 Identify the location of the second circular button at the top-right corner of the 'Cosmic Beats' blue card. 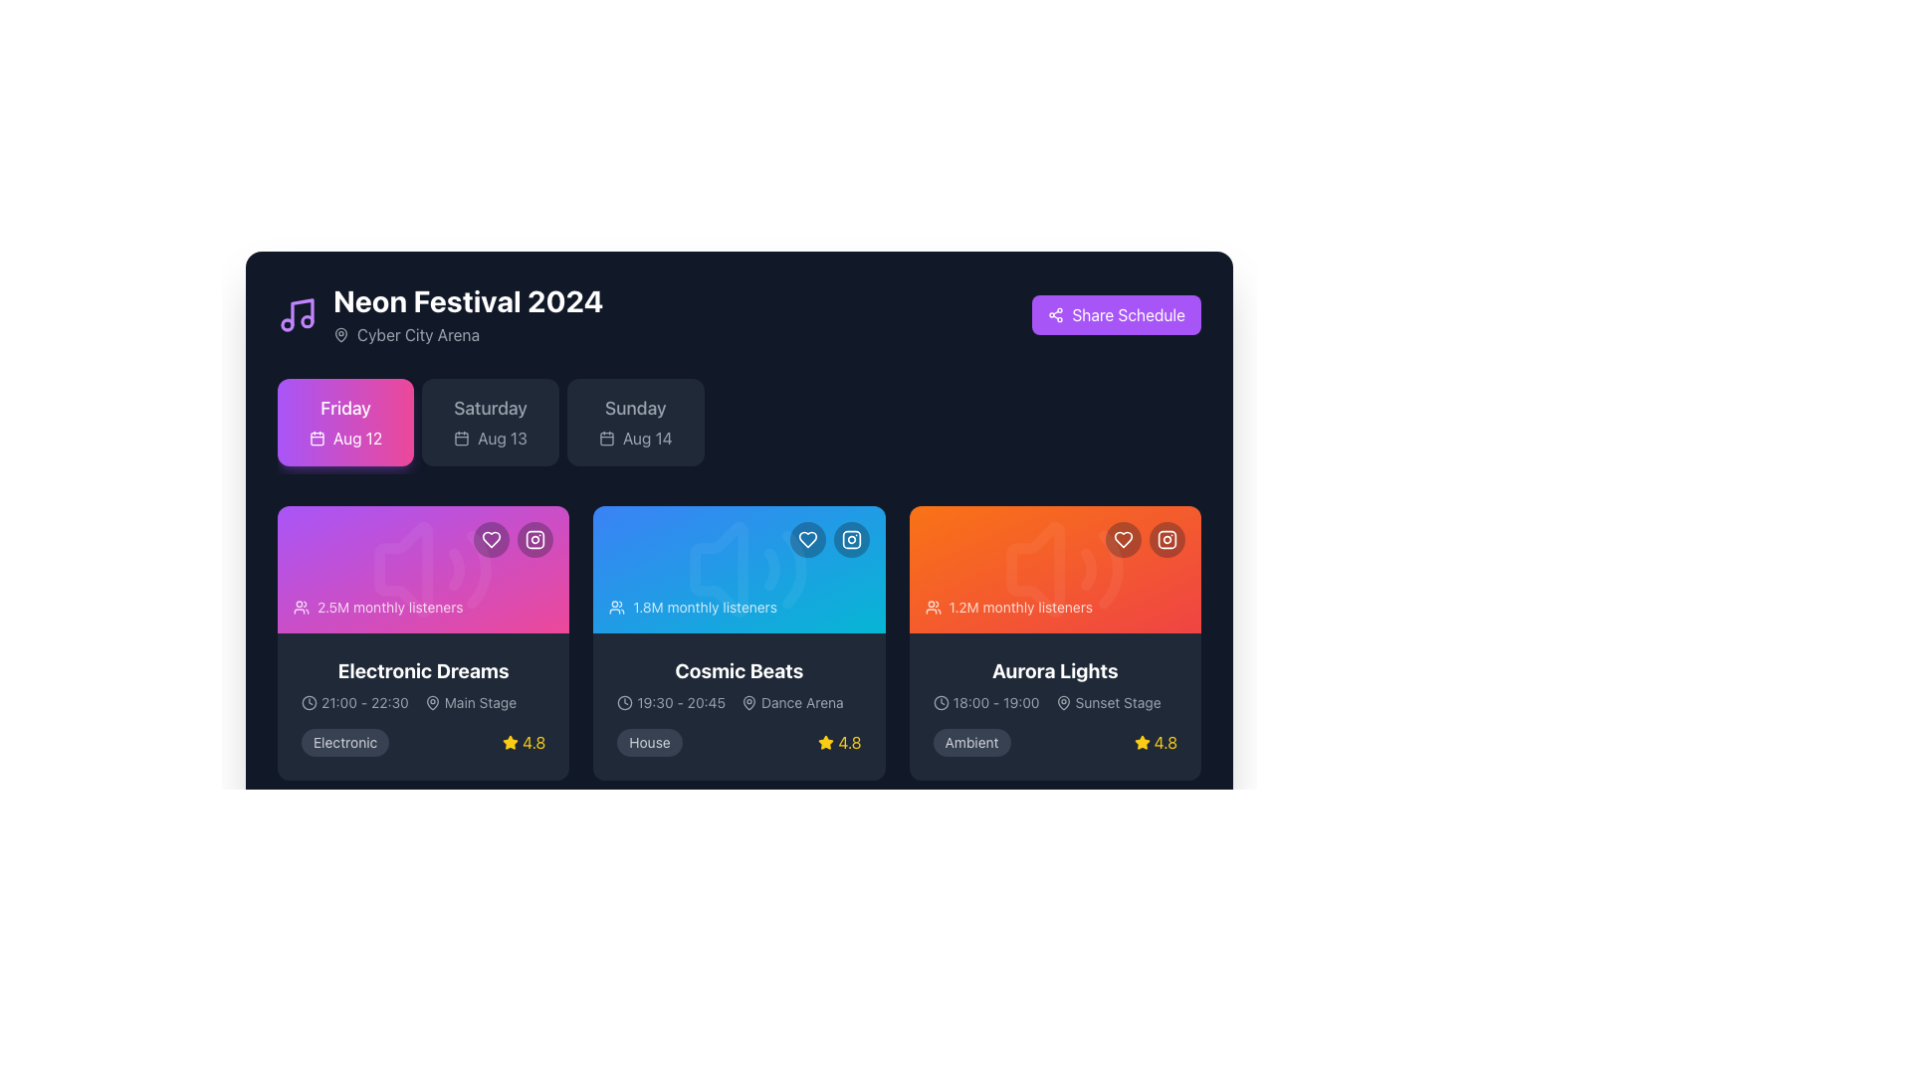
(851, 540).